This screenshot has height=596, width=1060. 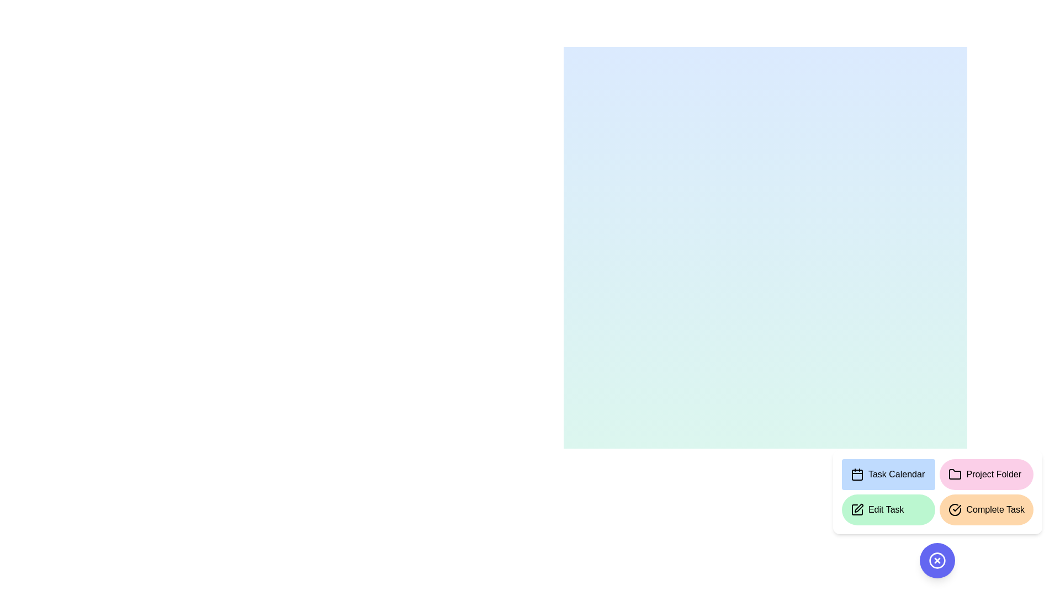 I want to click on the 'Project Folder' button located in the top-right corner of the grid layout, so click(x=987, y=474).